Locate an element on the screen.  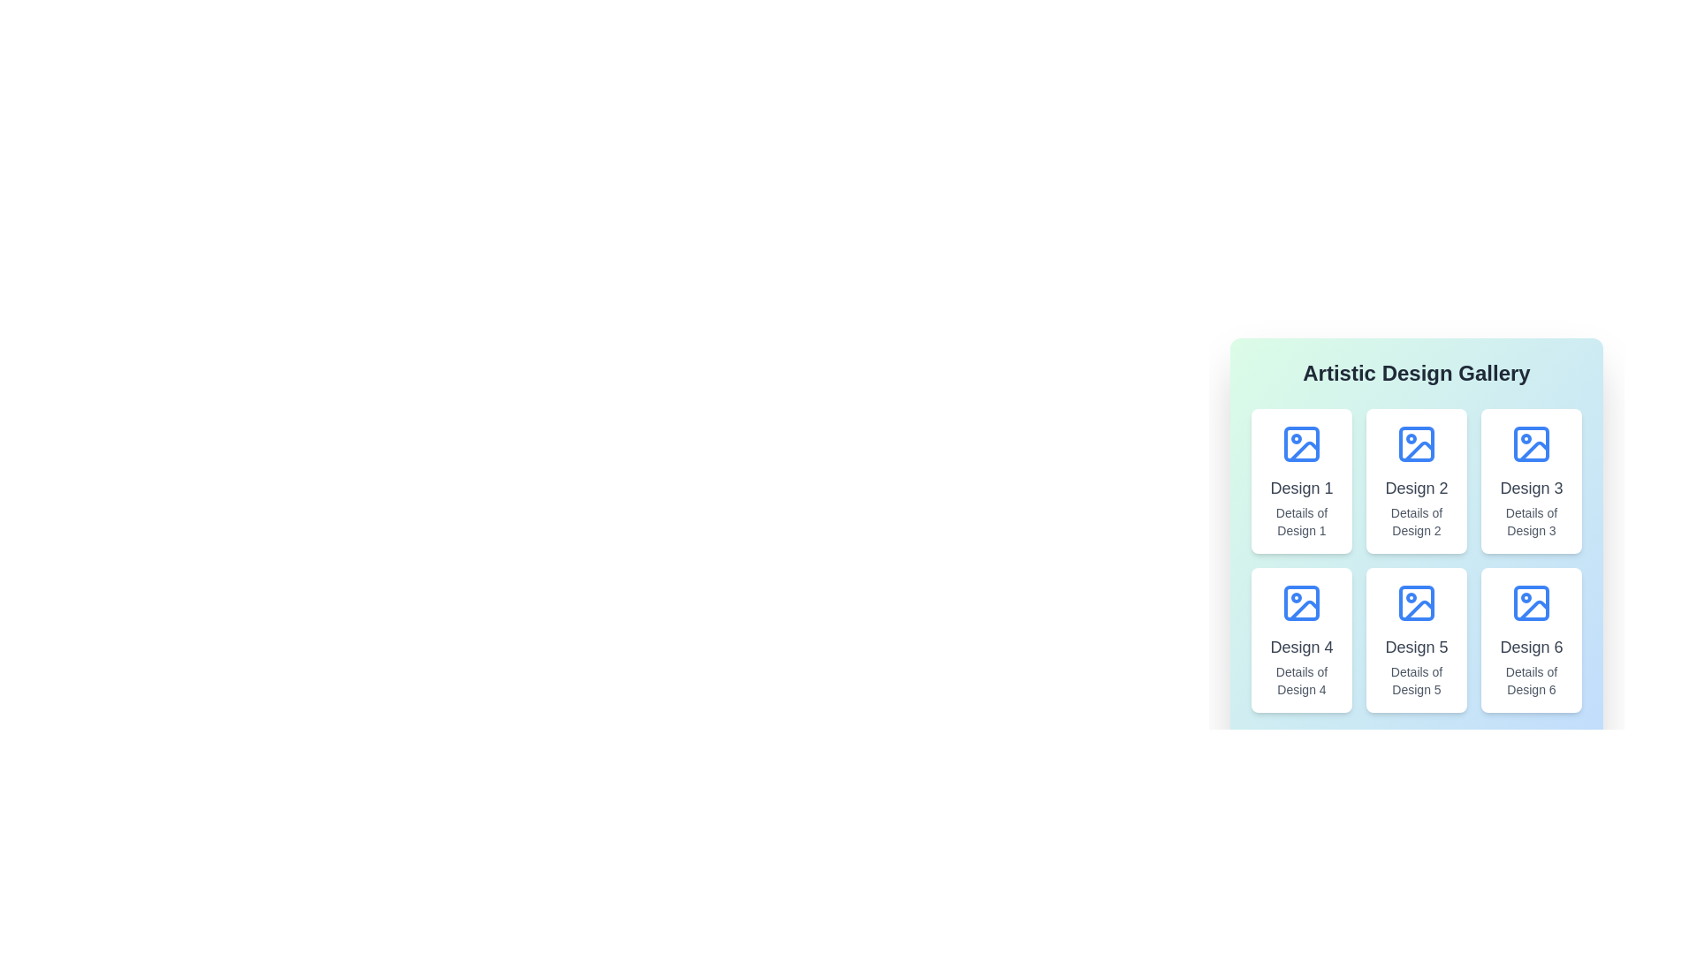
the blue SVG icon representing a mountain or slope, located in the second card of the top row in the 'Artistic Design Gallery', above the text 'Design 2' and its description is located at coordinates (1417, 443).